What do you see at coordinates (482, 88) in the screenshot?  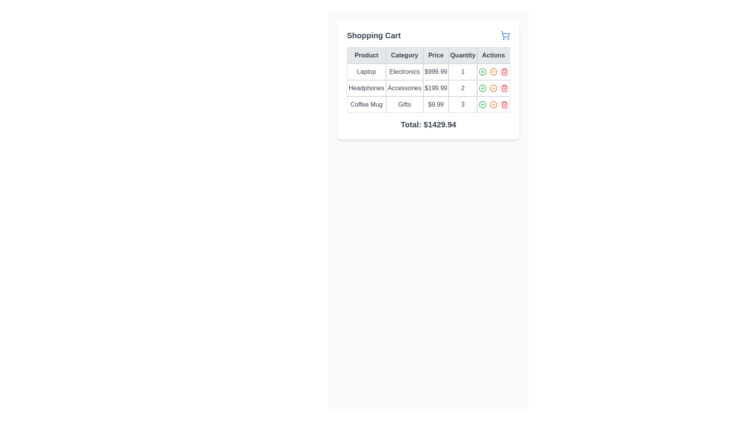 I see `the leftmost button in the 'Actions' column of the second row in the shopping cart table` at bounding box center [482, 88].